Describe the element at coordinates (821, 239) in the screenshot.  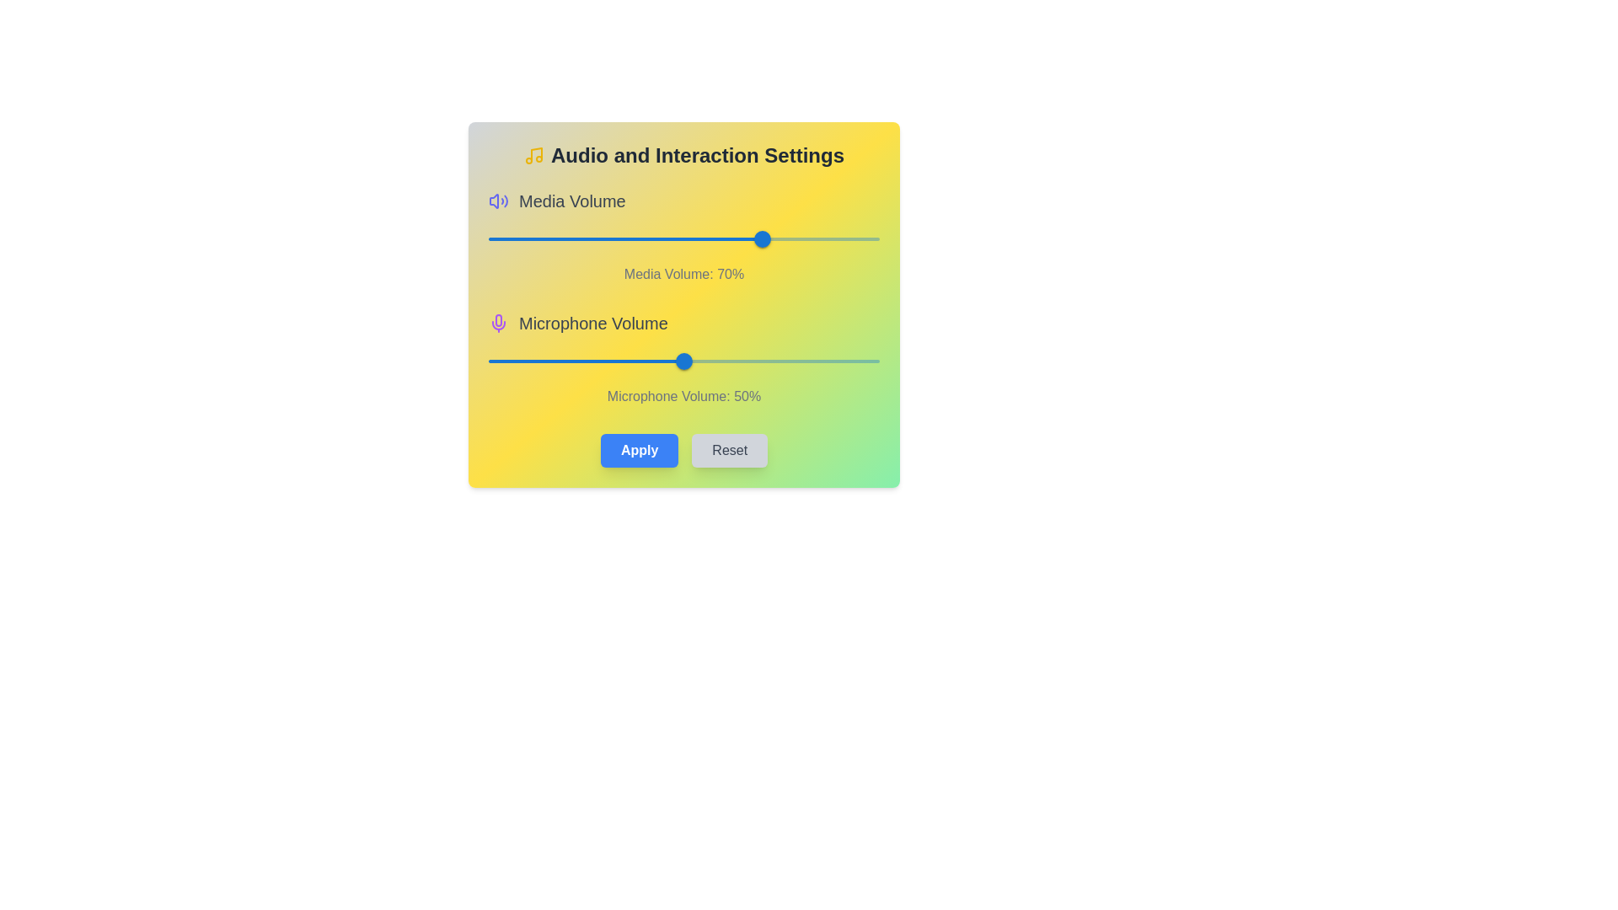
I see `the slider value` at that location.